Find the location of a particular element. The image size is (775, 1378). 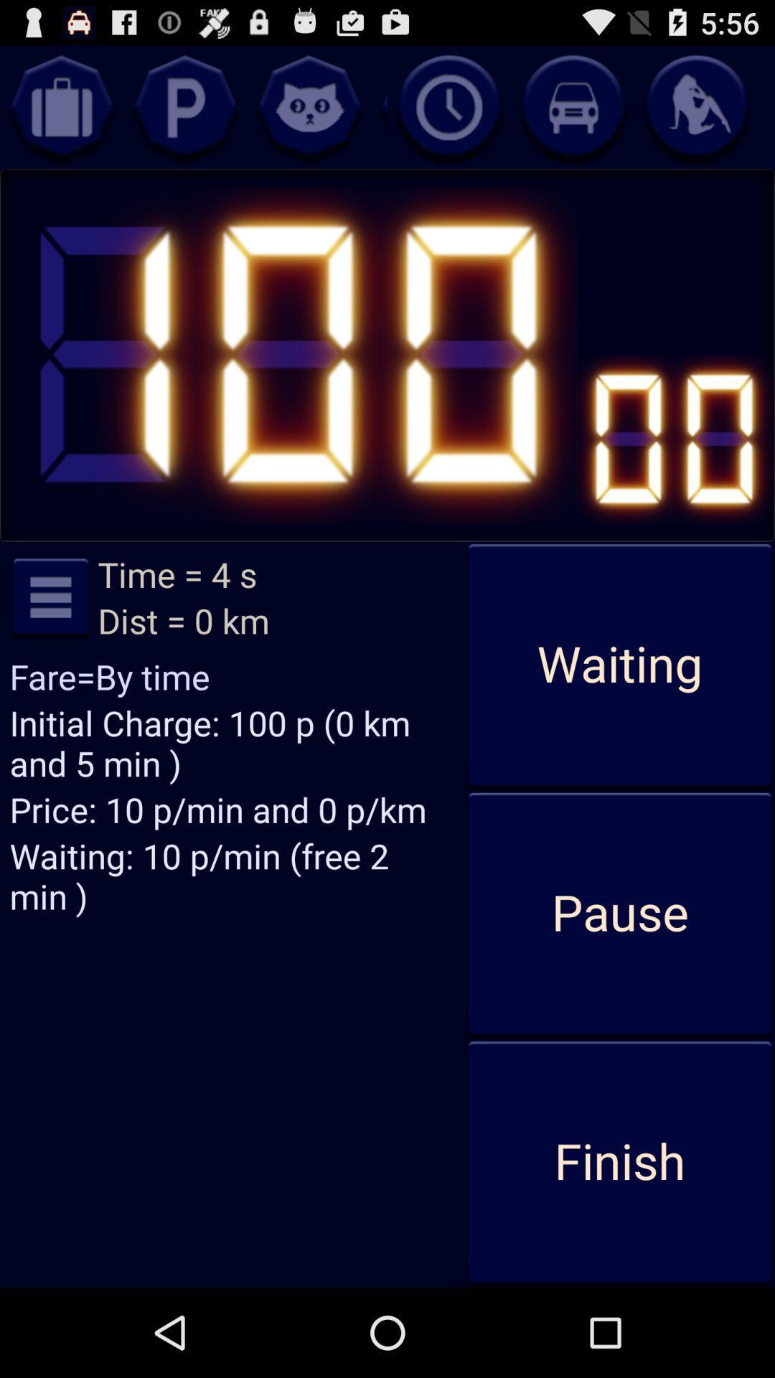

p is located at coordinates (184, 106).